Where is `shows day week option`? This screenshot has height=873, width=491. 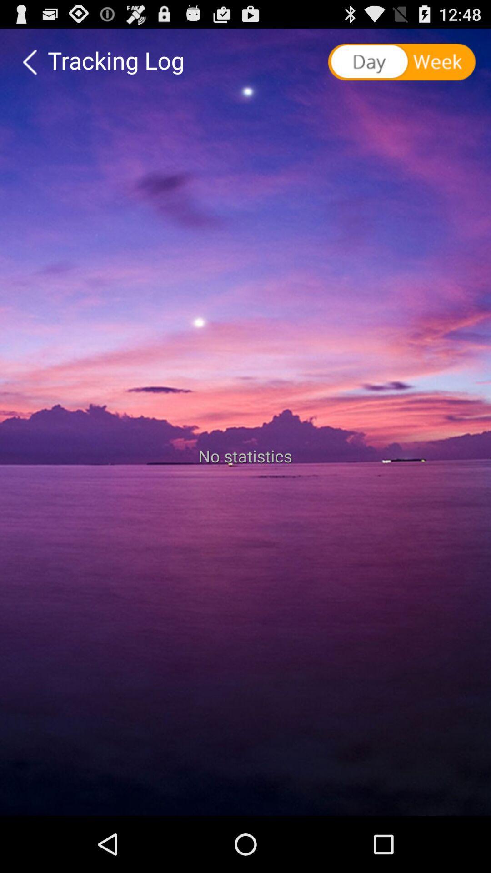 shows day week option is located at coordinates (402, 62).